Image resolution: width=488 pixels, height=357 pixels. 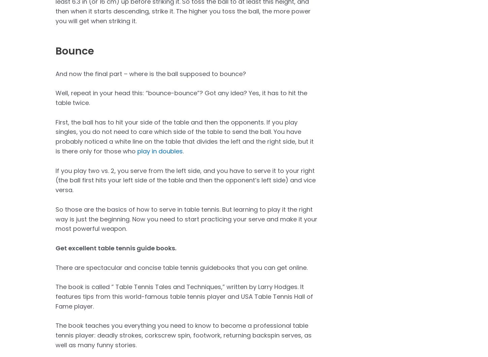 What do you see at coordinates (183, 151) in the screenshot?
I see `'.'` at bounding box center [183, 151].